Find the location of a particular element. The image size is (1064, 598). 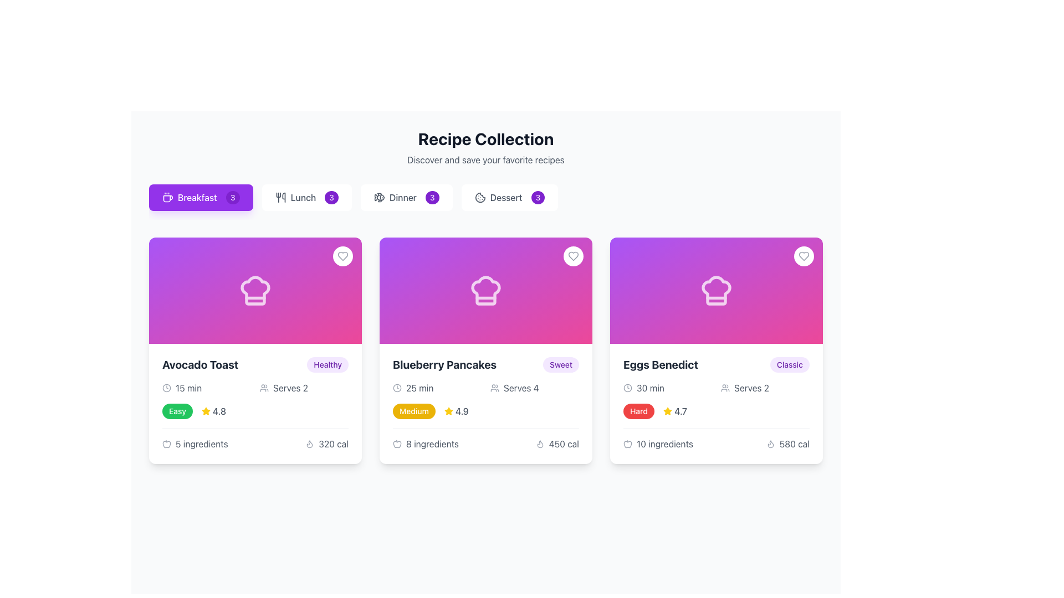

the 'Lunch' category icon located to the left of the text 'Lunch' in the navigation menu is located at coordinates (280, 197).